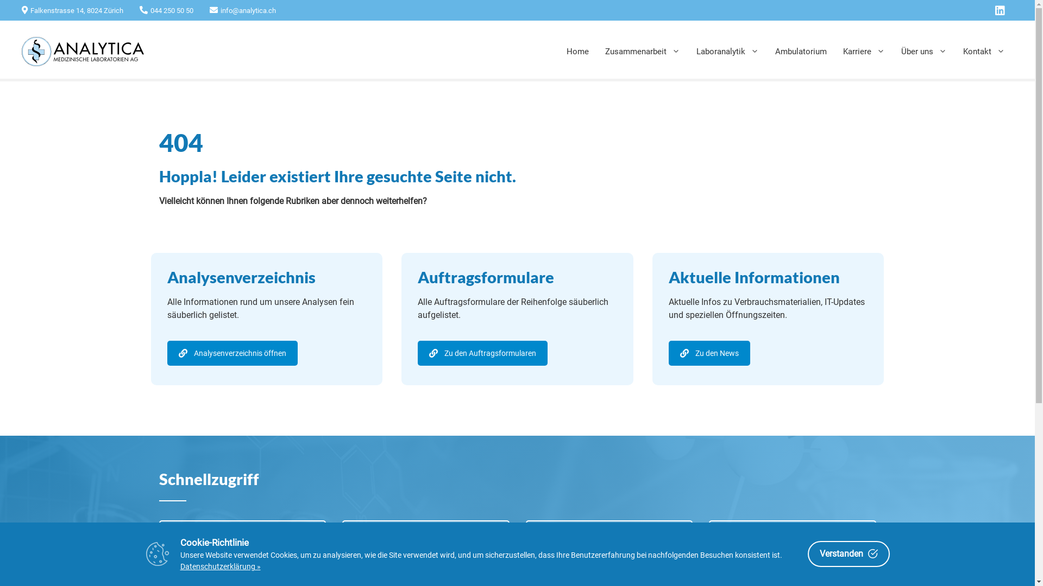 This screenshot has width=1043, height=586. I want to click on 'Karriere', so click(863, 52).